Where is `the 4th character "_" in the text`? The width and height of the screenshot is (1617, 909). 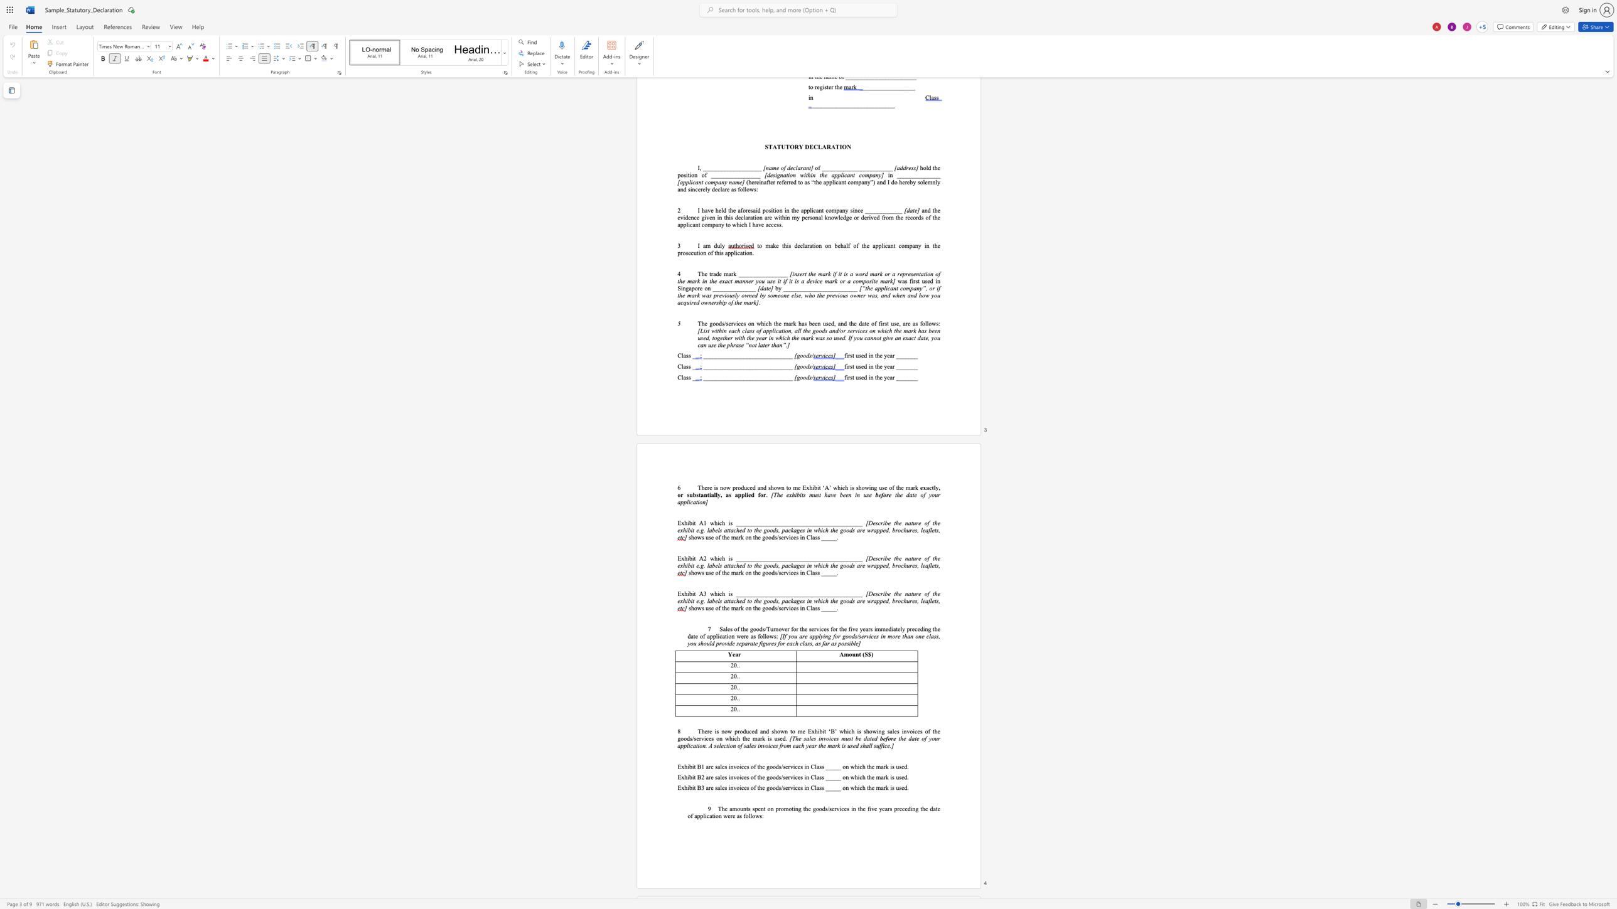
the 4th character "_" in the text is located at coordinates (746, 558).